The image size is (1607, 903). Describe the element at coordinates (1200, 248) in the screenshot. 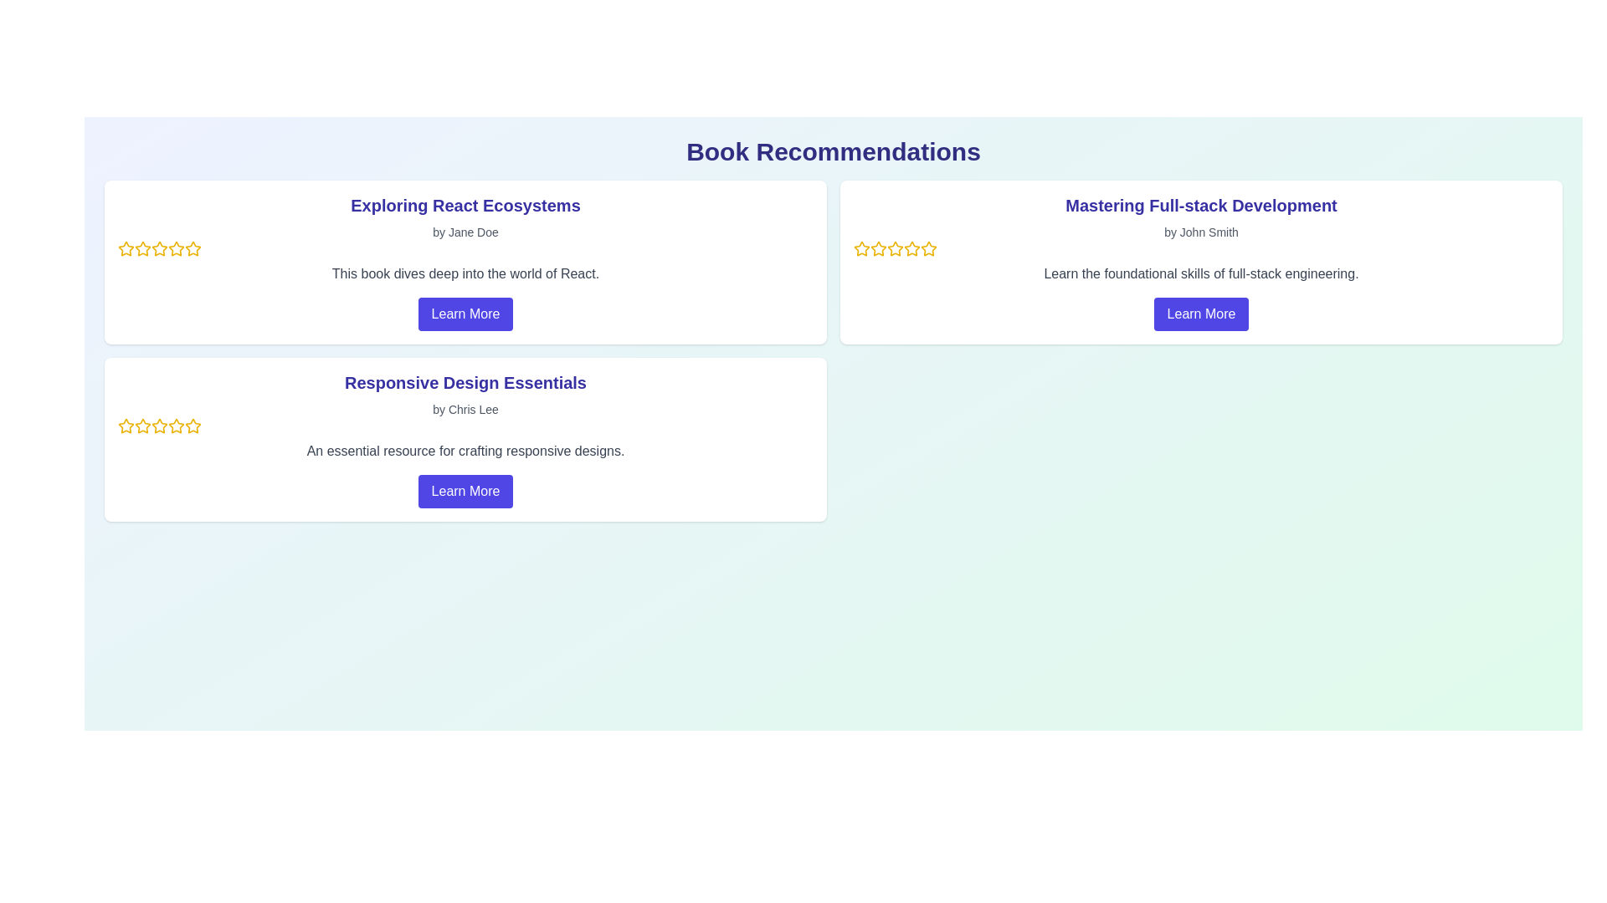

I see `visual indication of the star rating interface located in the yellow star rating section under the card titled 'Mastering Full-stack Development', positioned centrally beneath 'by John Smith'` at that location.